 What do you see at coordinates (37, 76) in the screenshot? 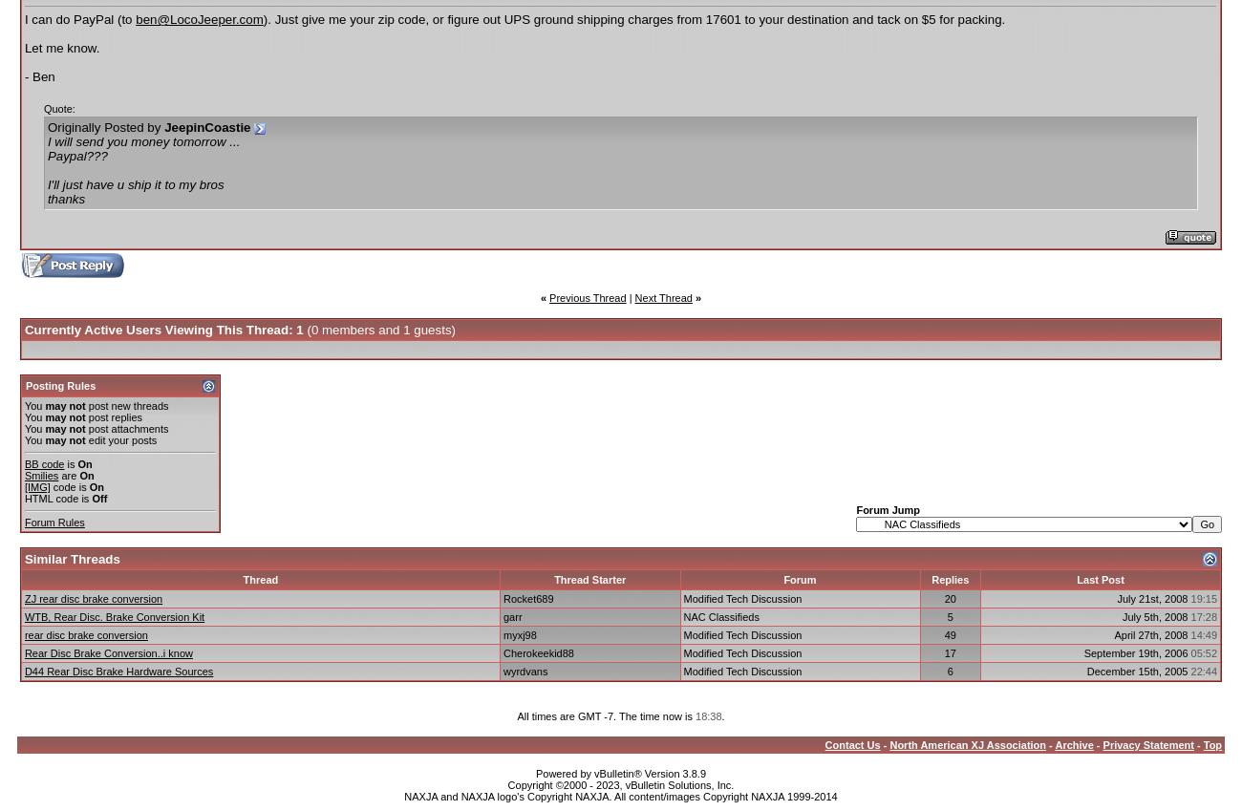
I see `'- Ben'` at bounding box center [37, 76].